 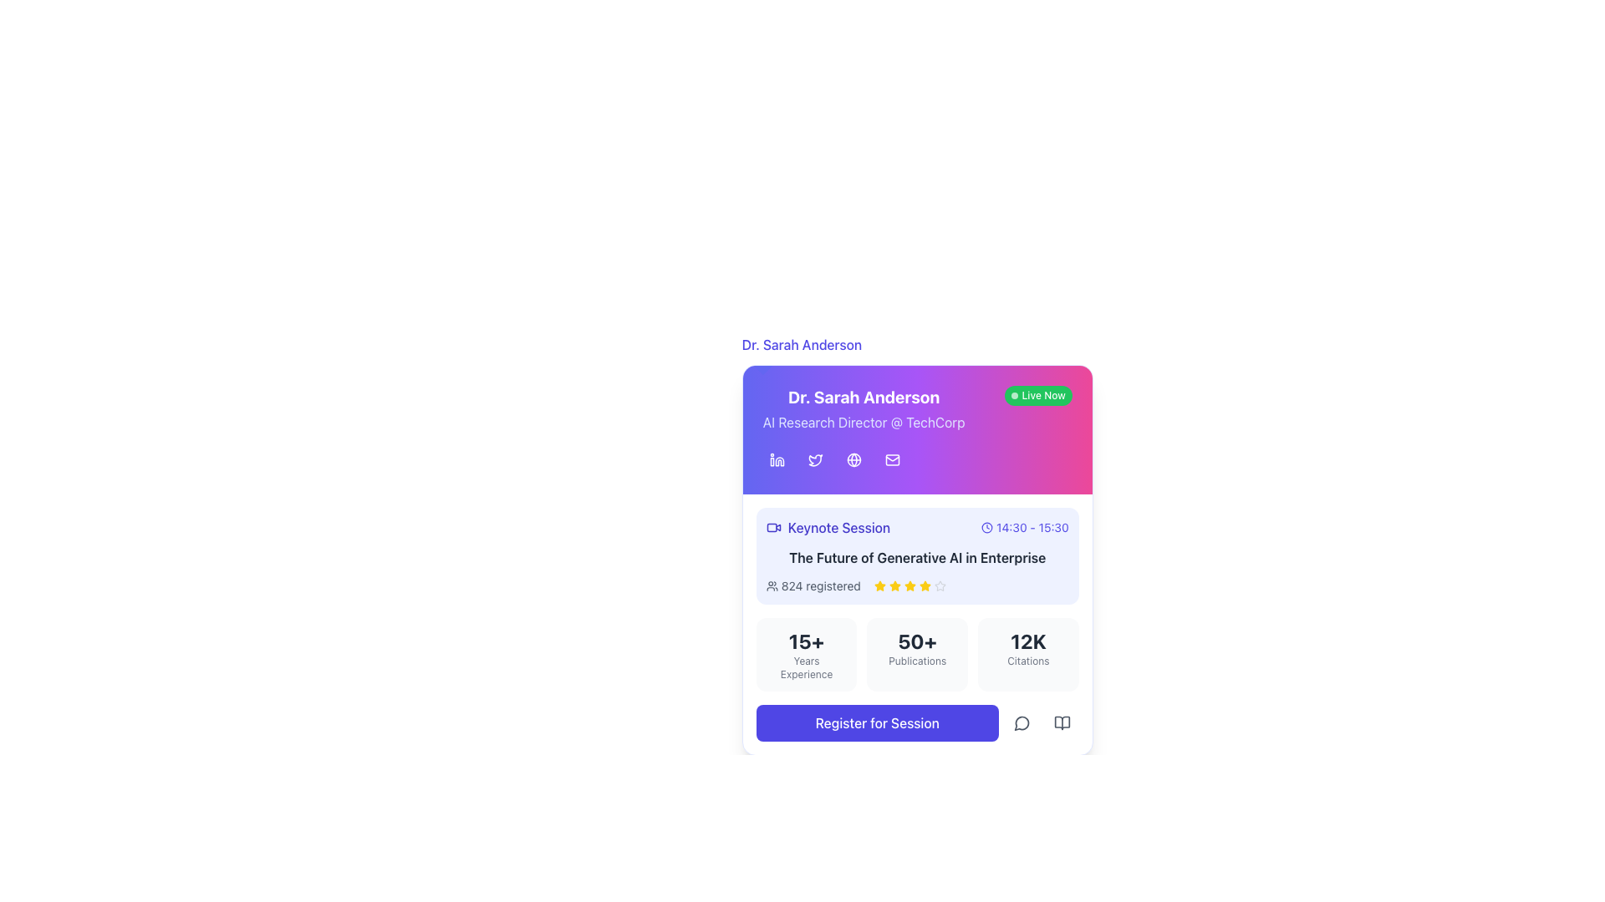 What do you see at coordinates (909, 585) in the screenshot?
I see `the fifth star icon with a yellow fill` at bounding box center [909, 585].